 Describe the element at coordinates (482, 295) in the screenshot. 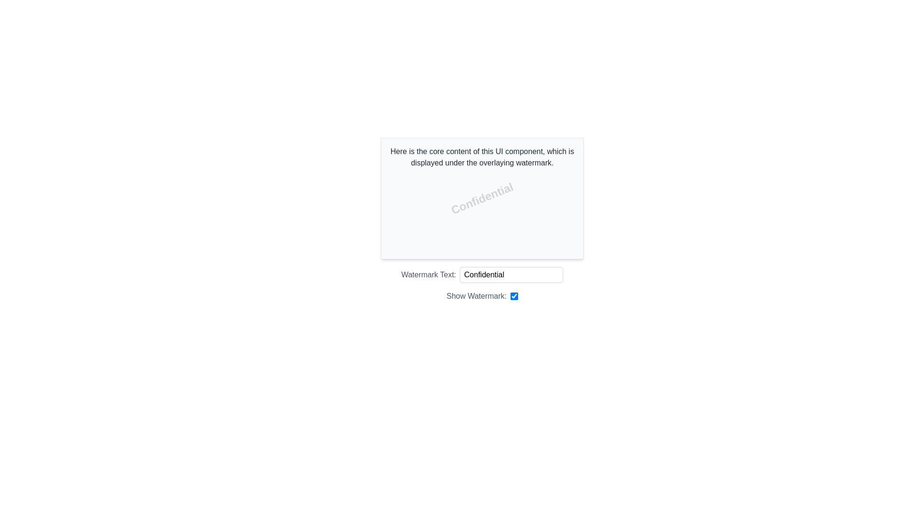

I see `the checkbox labeled 'Show Watermark:' for keyboard interaction` at that location.